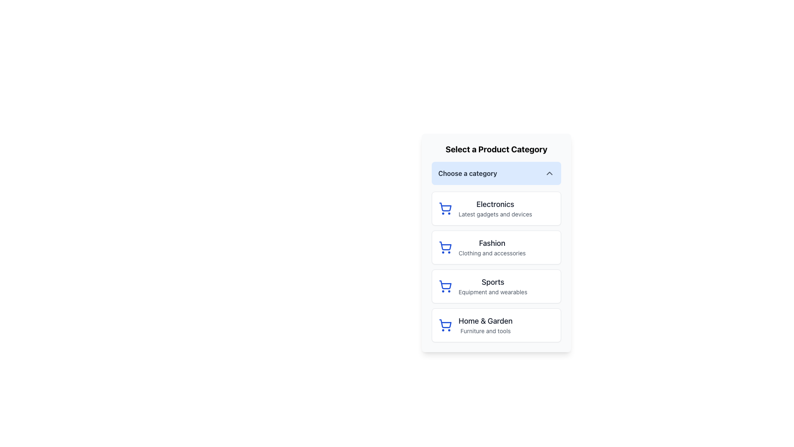 The width and height of the screenshot is (794, 447). Describe the element at coordinates (496, 208) in the screenshot. I see `the first selectable card in the Electronics category list` at that location.